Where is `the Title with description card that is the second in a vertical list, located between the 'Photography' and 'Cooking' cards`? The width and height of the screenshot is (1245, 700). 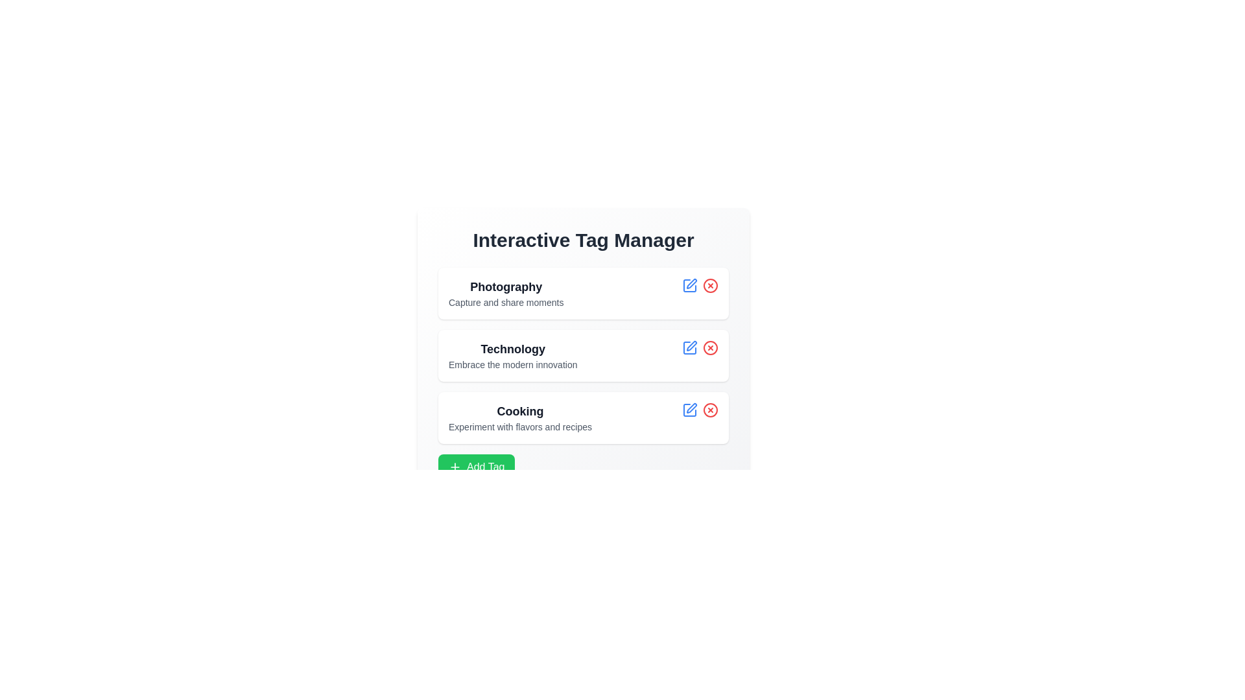
the Title with description card that is the second in a vertical list, located between the 'Photography' and 'Cooking' cards is located at coordinates (583, 355).